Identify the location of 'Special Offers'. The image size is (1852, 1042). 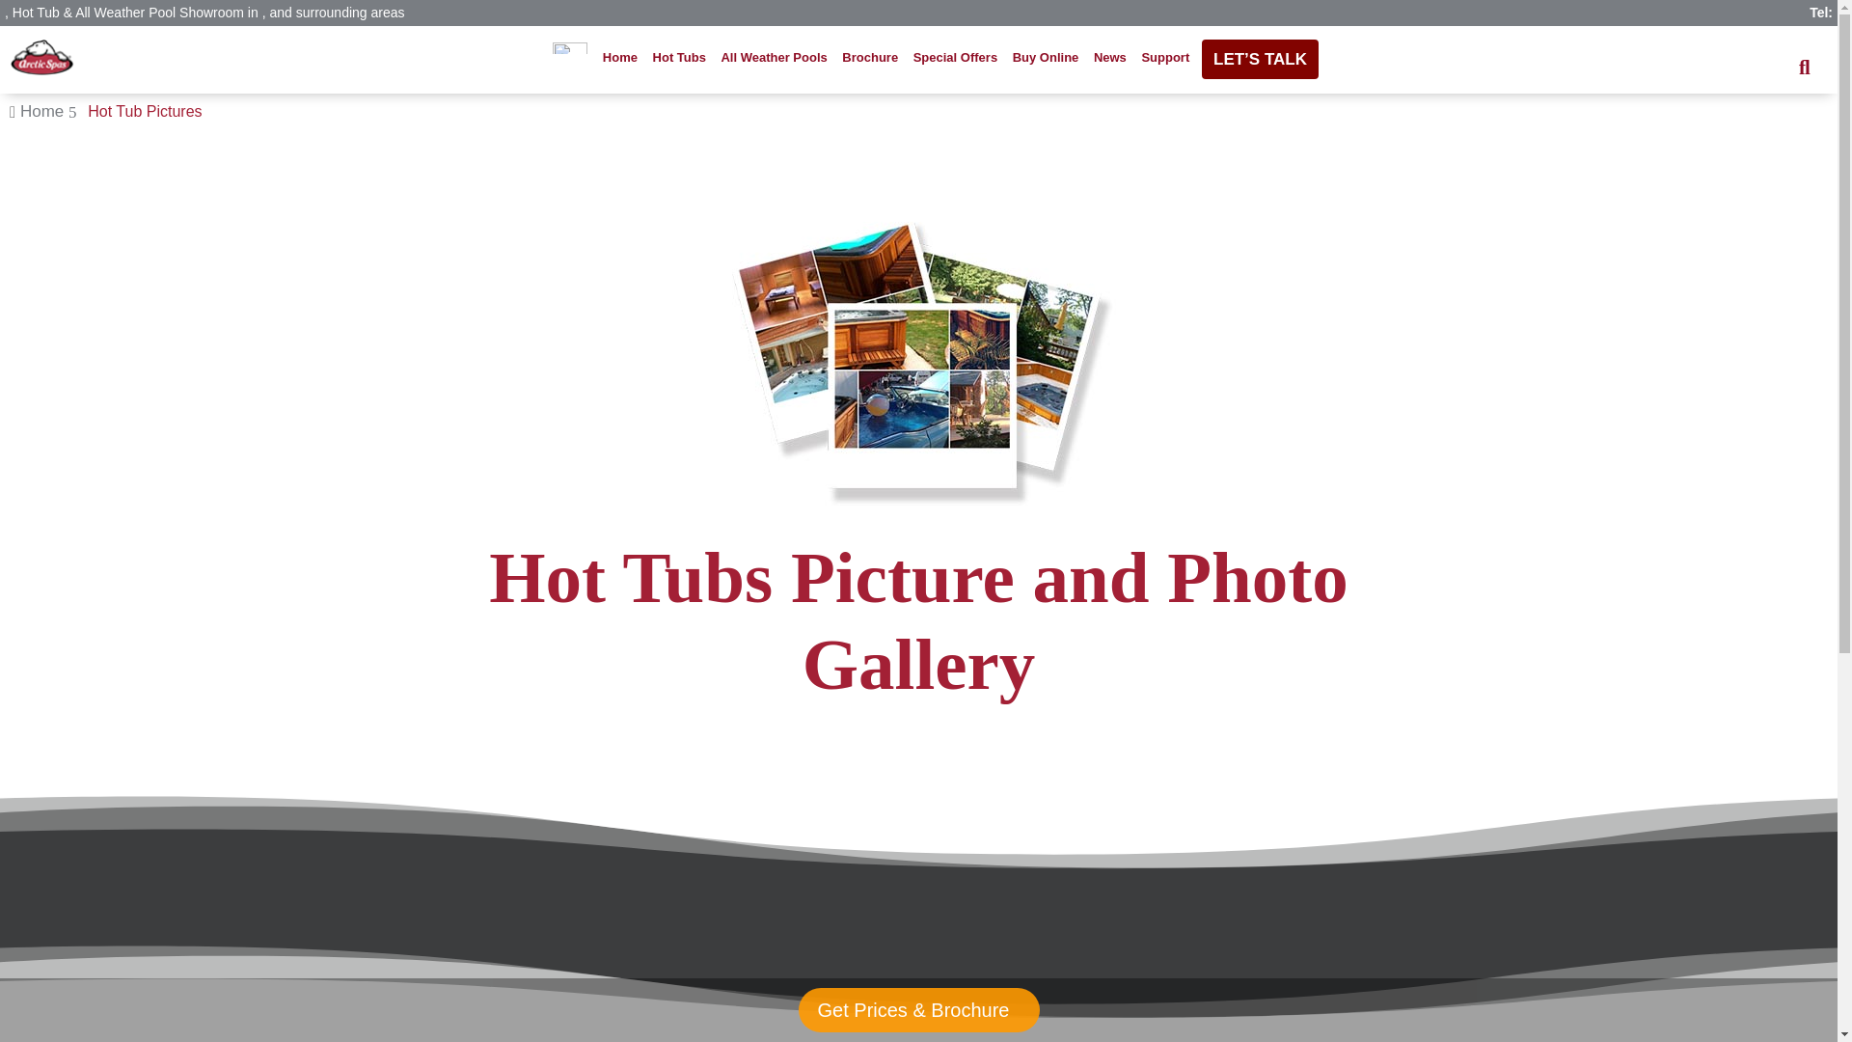
(907, 56).